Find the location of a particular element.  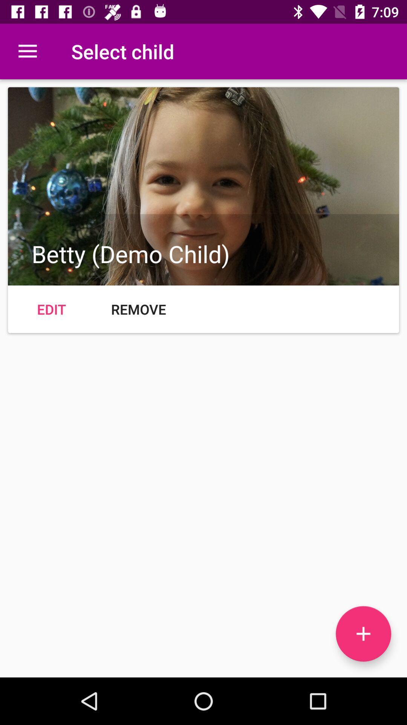

the icon next to the edit icon is located at coordinates (138, 309).